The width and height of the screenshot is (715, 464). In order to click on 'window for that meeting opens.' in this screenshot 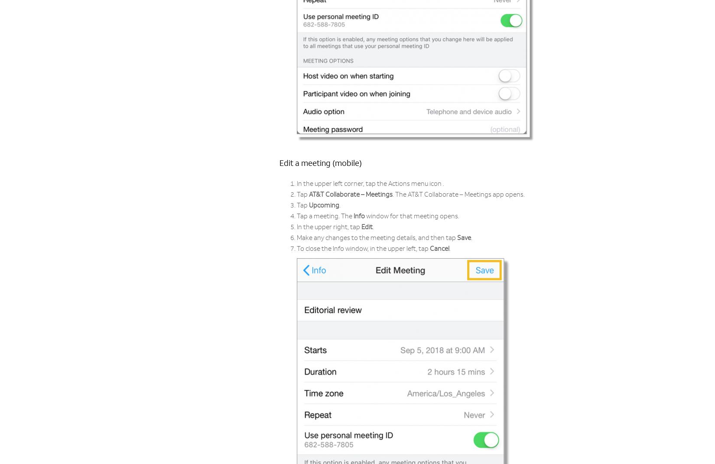, I will do `click(412, 216)`.